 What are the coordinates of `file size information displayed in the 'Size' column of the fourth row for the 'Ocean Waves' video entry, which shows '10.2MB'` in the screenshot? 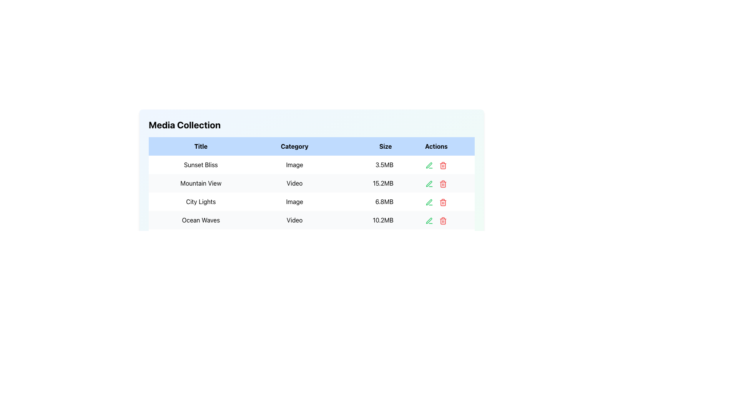 It's located at (367, 220).